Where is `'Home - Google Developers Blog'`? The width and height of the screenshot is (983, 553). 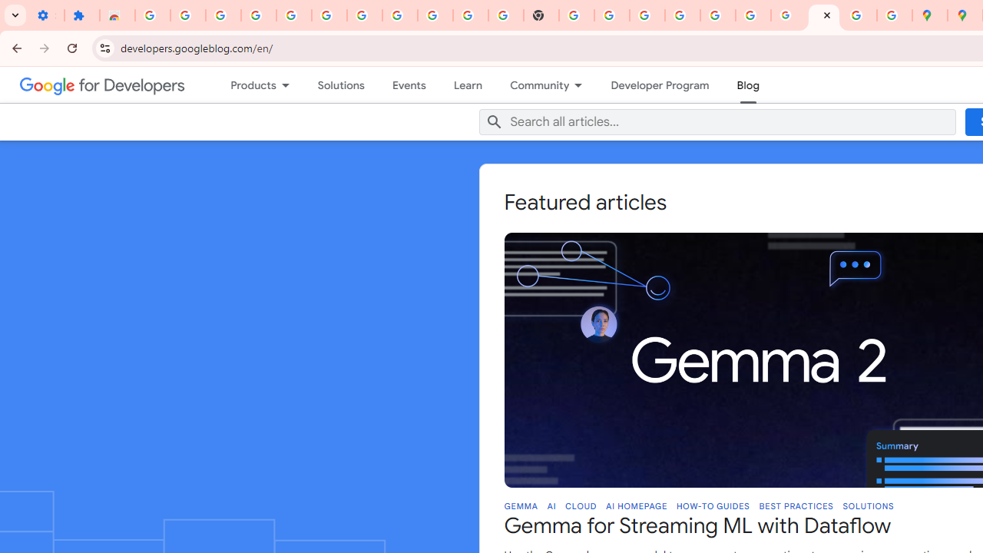 'Home - Google Developers Blog' is located at coordinates (822, 15).